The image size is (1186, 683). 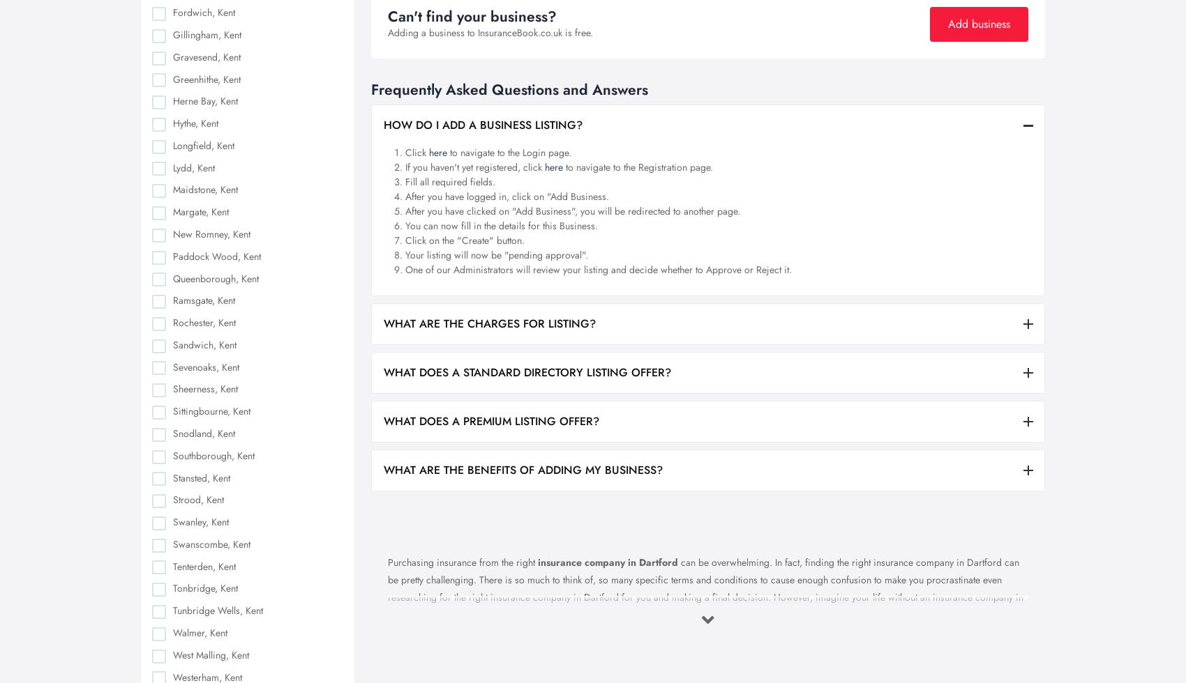 I want to click on 'Cookies Settings', so click(x=755, y=525).